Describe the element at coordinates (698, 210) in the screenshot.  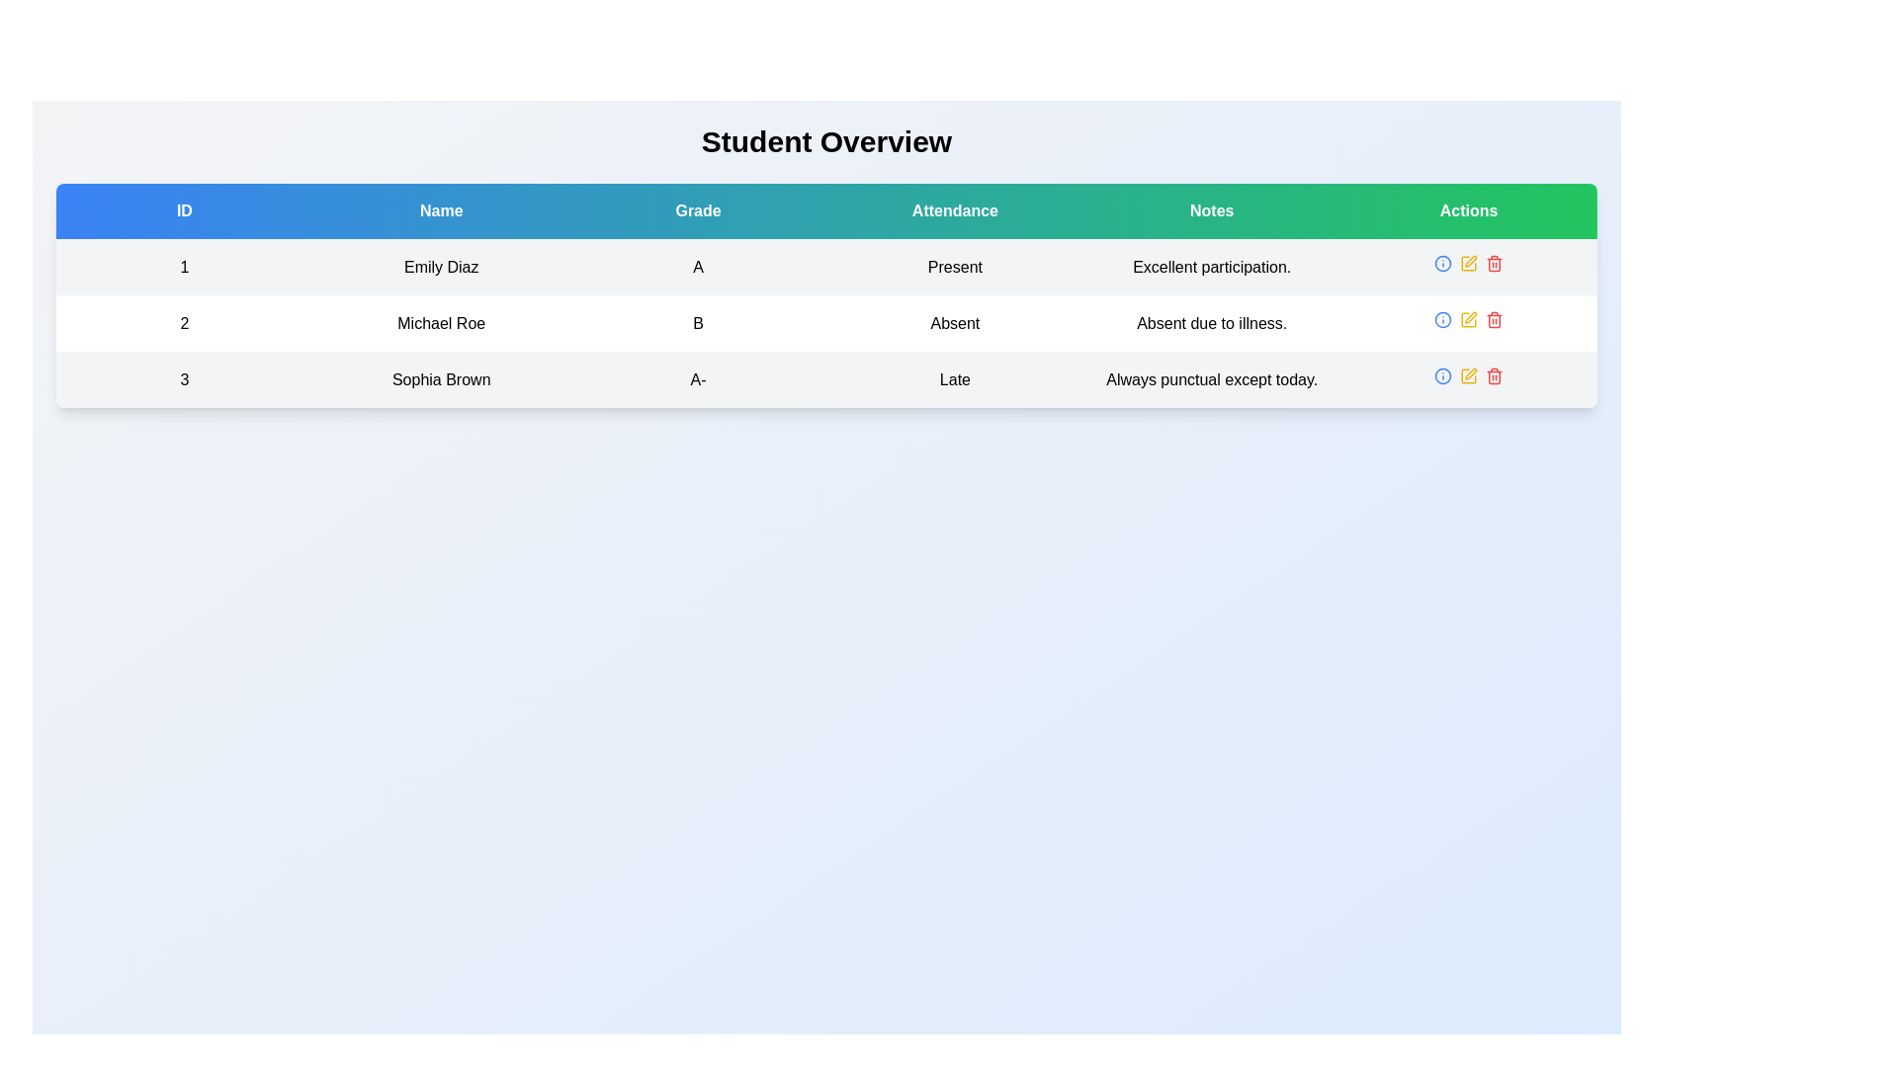
I see `the static text label for the 'Grade' column, which is the third item in the header row of the table displaying student grades` at that location.